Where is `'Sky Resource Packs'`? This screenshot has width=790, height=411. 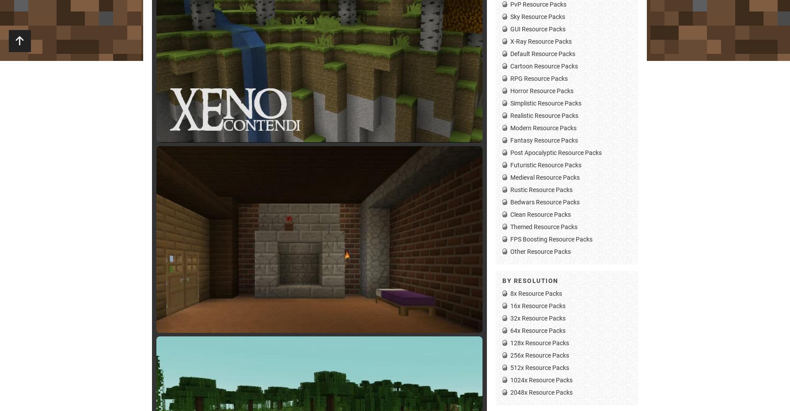
'Sky Resource Packs' is located at coordinates (537, 15).